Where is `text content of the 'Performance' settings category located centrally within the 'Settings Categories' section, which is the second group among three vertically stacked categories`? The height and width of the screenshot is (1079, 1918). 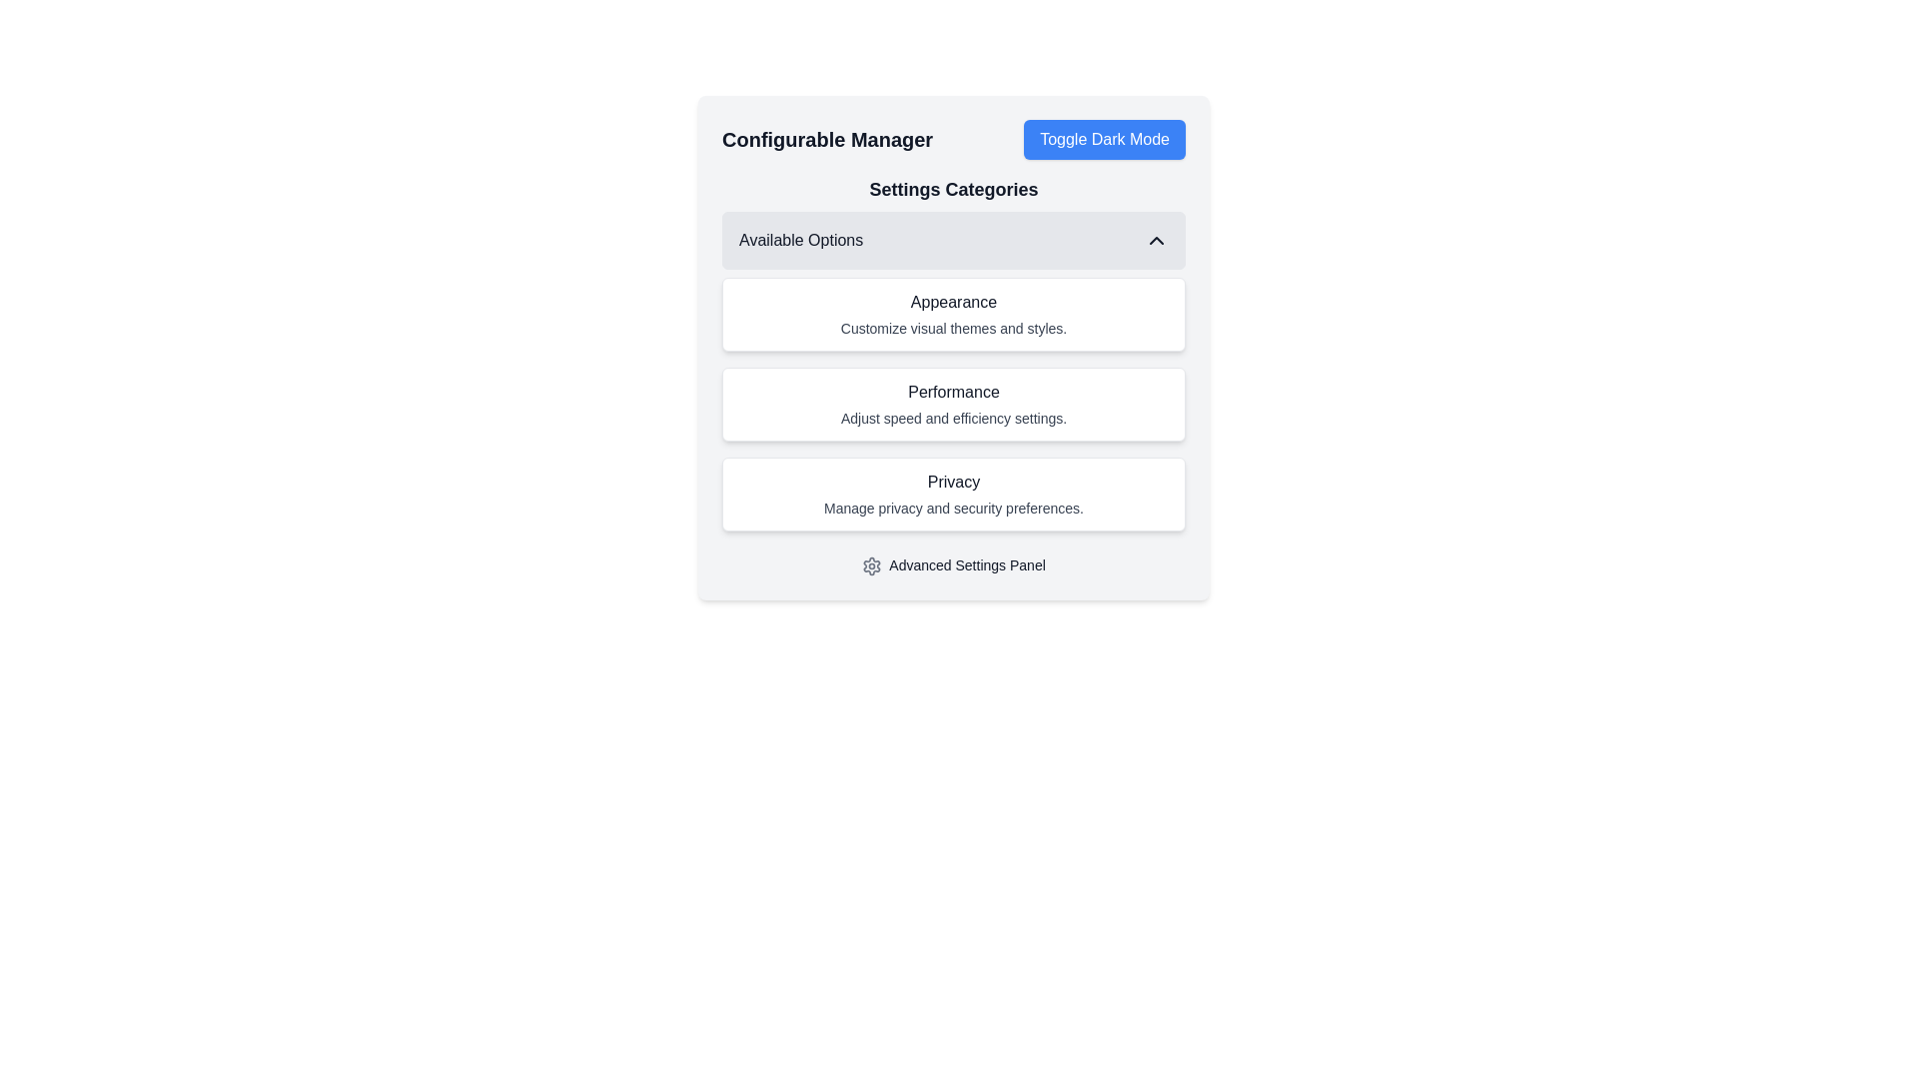
text content of the 'Performance' settings category located centrally within the 'Settings Categories' section, which is the second group among three vertically stacked categories is located at coordinates (953, 405).